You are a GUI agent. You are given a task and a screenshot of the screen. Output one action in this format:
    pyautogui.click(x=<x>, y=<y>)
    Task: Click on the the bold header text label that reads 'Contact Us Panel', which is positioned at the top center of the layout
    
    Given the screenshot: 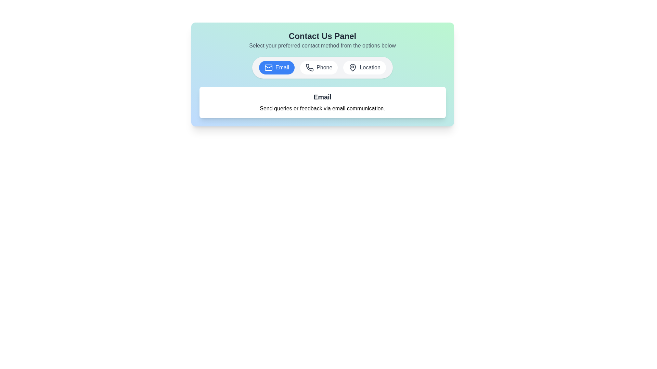 What is the action you would take?
    pyautogui.click(x=322, y=36)
    